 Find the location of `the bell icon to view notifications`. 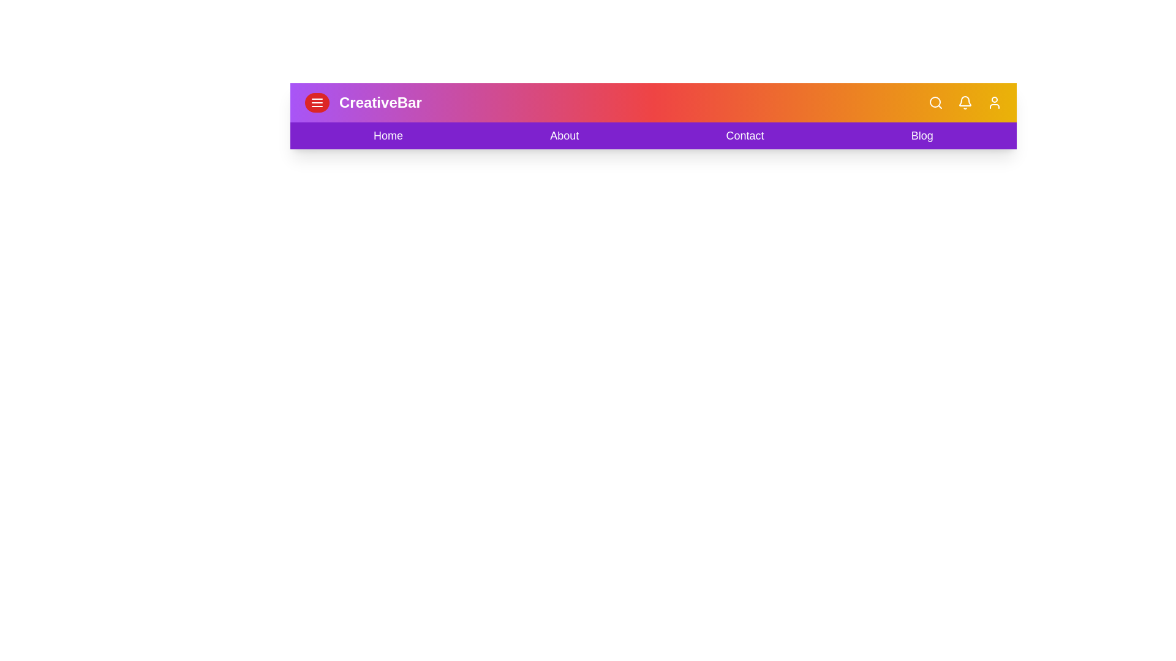

the bell icon to view notifications is located at coordinates (964, 102).